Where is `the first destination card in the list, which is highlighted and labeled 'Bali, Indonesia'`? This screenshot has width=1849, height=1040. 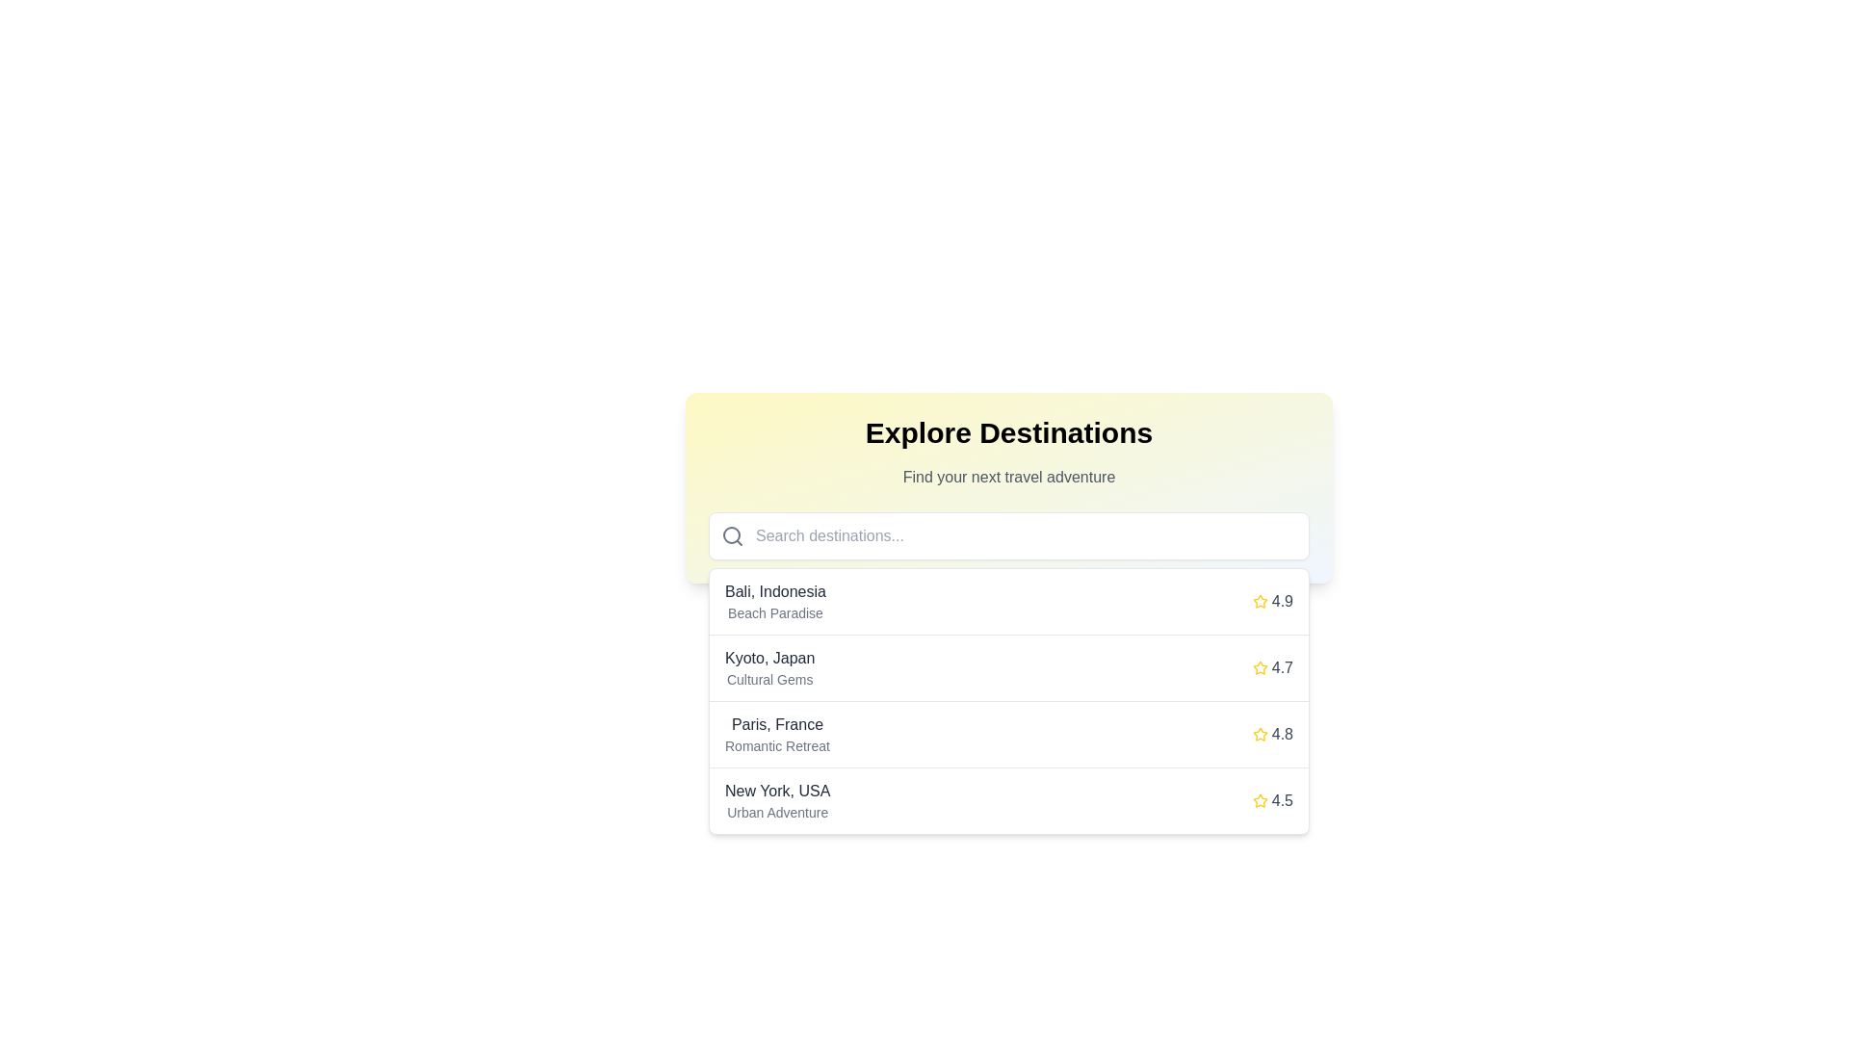 the first destination card in the list, which is highlighted and labeled 'Bali, Indonesia' is located at coordinates (1007, 601).